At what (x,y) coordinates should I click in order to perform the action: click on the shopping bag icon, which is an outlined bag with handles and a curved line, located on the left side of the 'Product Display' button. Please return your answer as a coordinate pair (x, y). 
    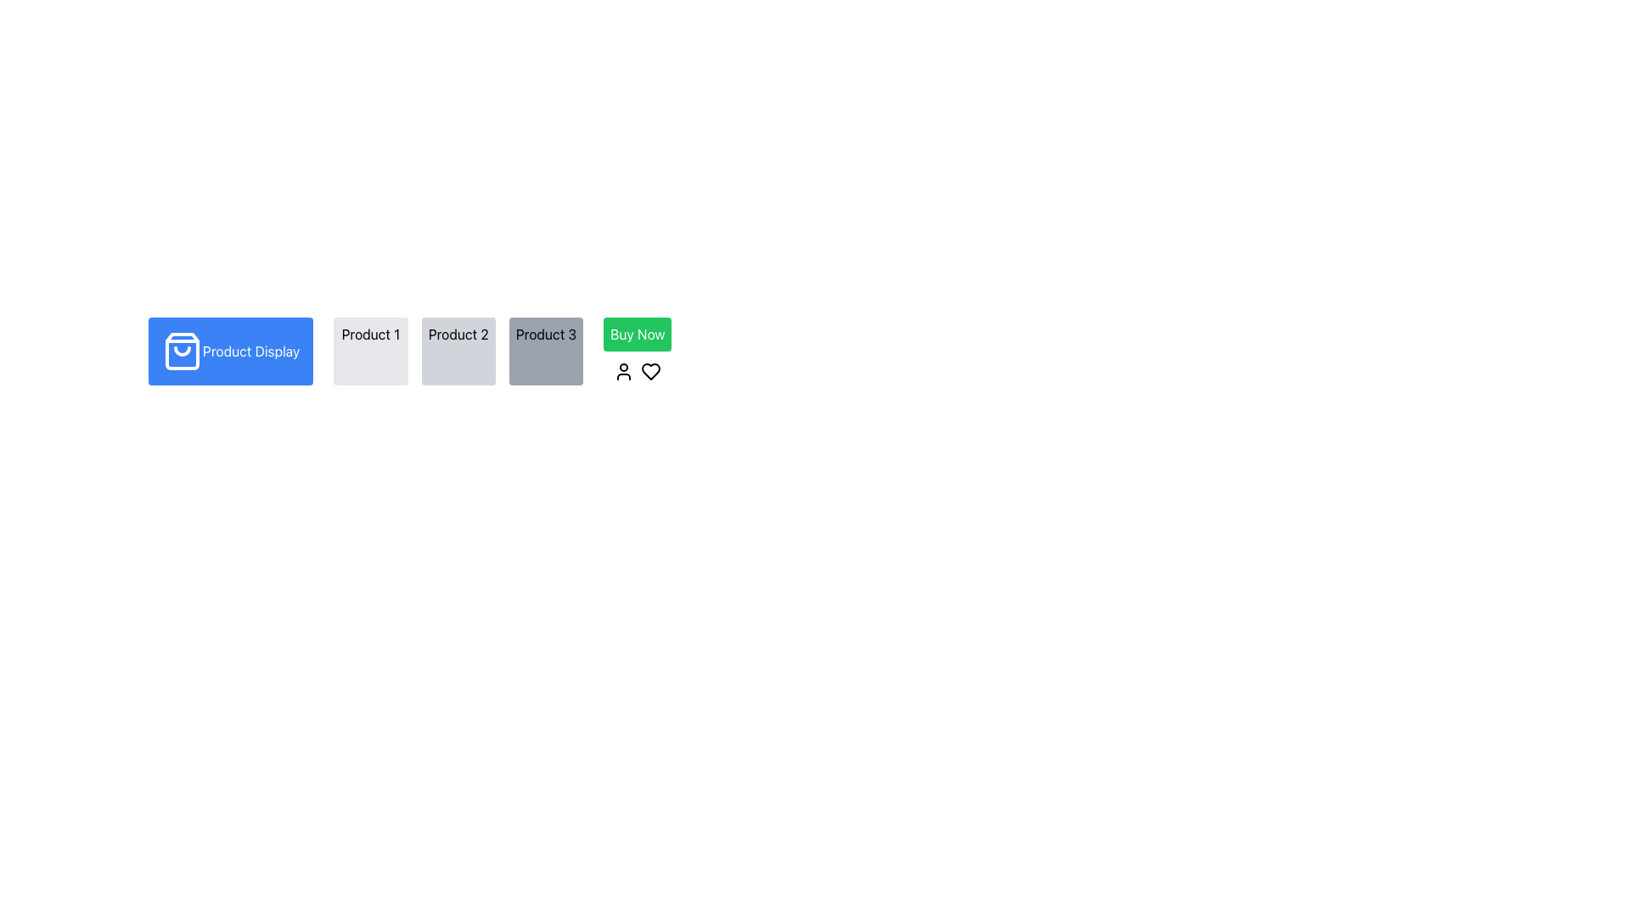
    Looking at the image, I should click on (183, 350).